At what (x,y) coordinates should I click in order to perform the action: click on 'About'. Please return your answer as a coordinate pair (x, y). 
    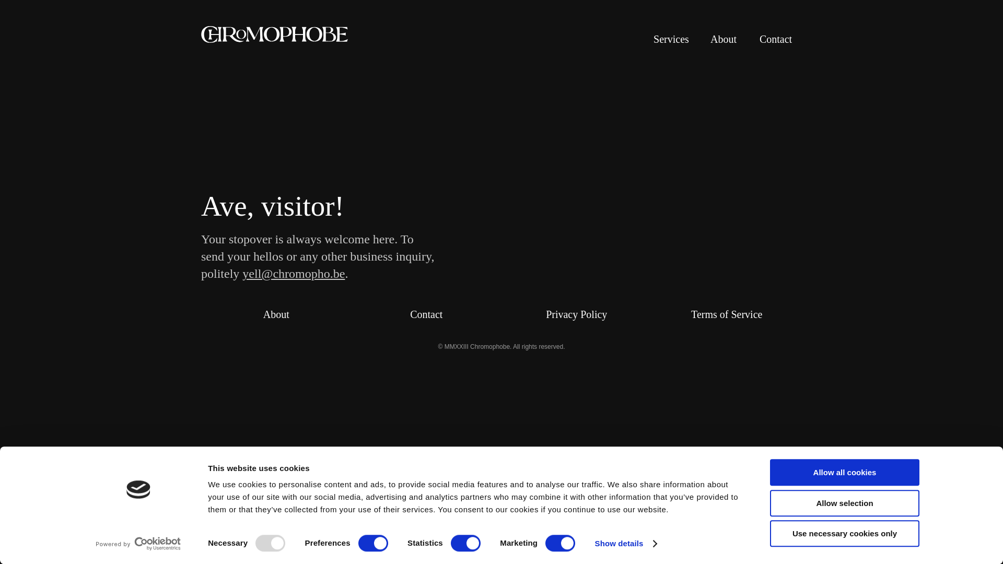
    Looking at the image, I should click on (276, 313).